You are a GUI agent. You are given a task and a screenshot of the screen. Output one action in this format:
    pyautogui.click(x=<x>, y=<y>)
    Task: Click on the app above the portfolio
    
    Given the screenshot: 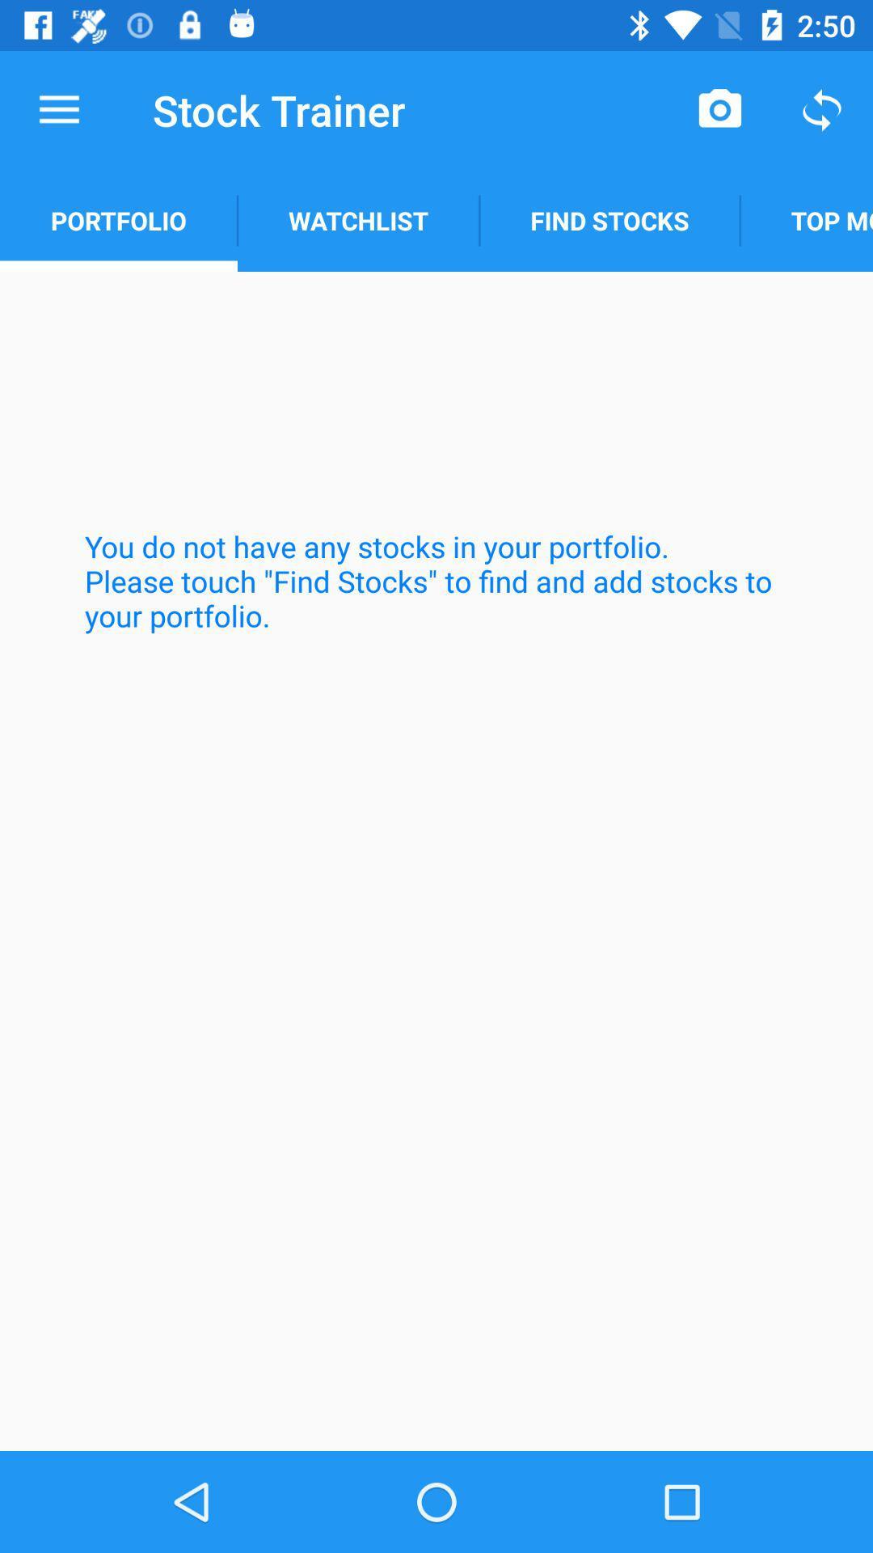 What is the action you would take?
    pyautogui.click(x=58, y=109)
    